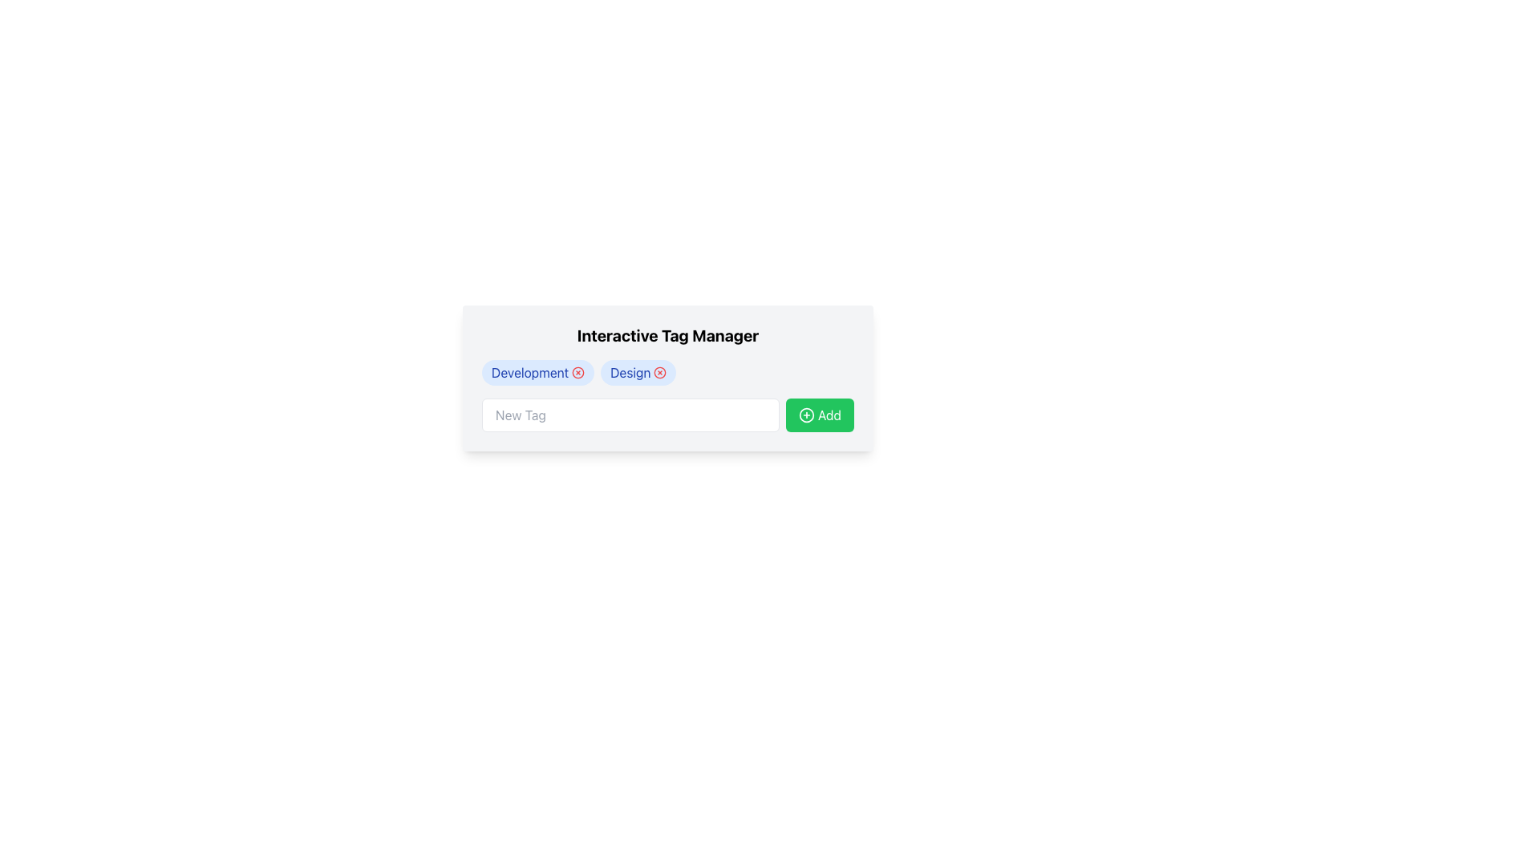 This screenshot has width=1540, height=866. What do you see at coordinates (538, 373) in the screenshot?
I see `the 'Development' tag, which is a pill-shaped component with a light blue background and a red 'x' remove button` at bounding box center [538, 373].